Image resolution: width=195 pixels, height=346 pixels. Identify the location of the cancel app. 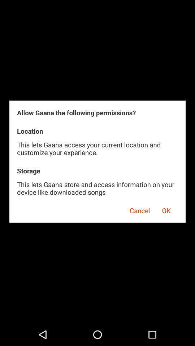
(137, 209).